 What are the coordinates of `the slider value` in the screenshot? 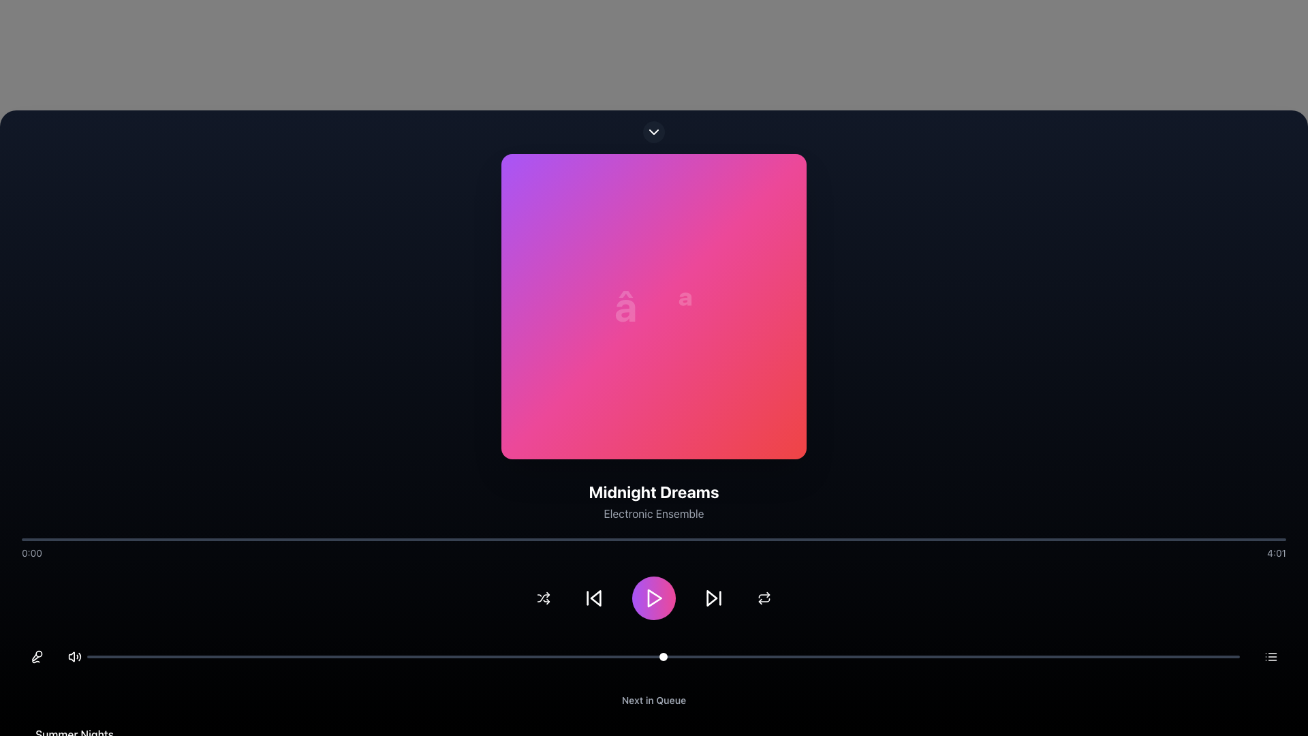 It's located at (755, 656).